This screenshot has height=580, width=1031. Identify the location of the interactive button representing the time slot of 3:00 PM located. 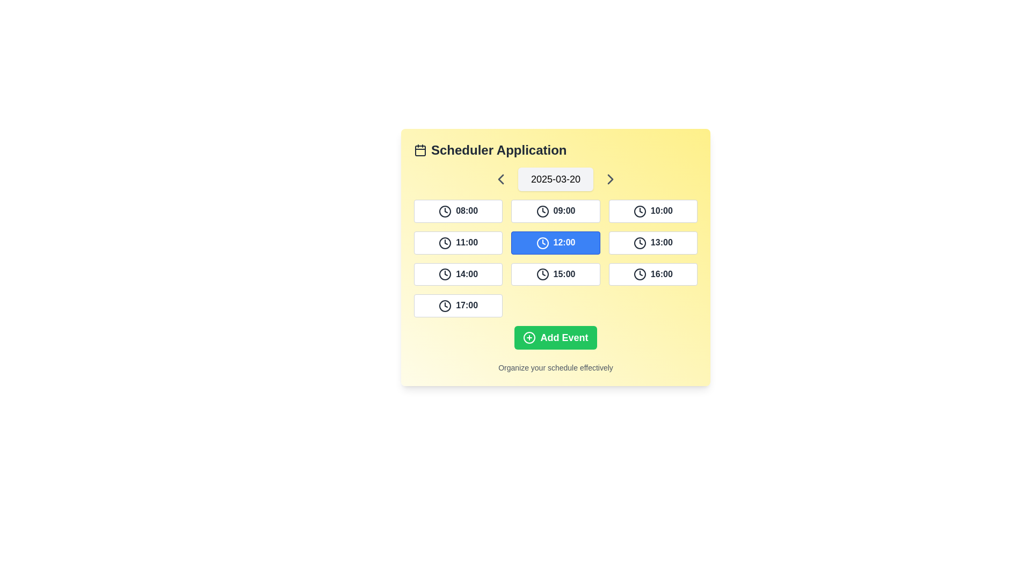
(556, 273).